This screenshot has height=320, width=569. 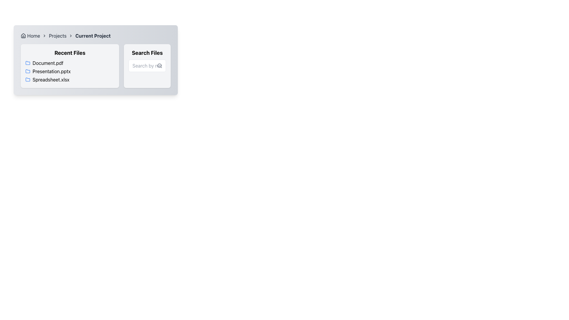 What do you see at coordinates (70, 79) in the screenshot?
I see `the file representation entry for 'Spreadsheet.xlsx' located` at bounding box center [70, 79].